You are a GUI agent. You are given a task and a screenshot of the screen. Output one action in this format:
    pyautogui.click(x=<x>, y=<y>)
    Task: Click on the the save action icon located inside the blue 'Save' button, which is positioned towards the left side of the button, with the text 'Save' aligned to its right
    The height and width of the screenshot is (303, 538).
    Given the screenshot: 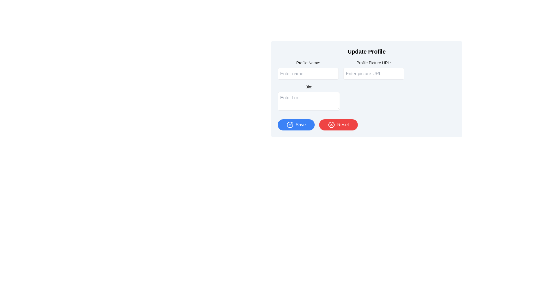 What is the action you would take?
    pyautogui.click(x=290, y=124)
    